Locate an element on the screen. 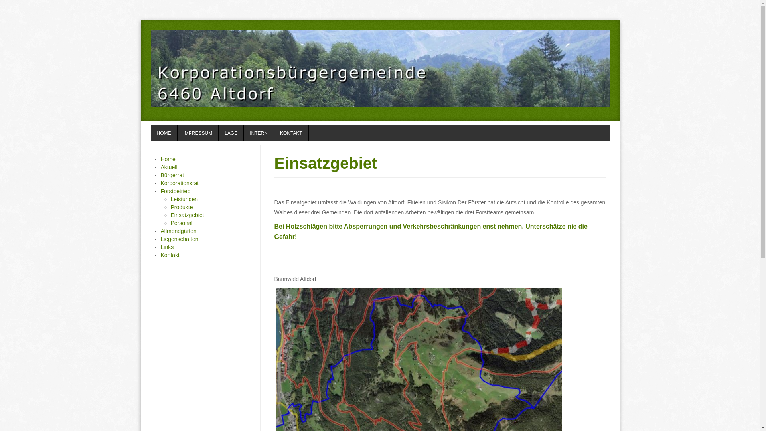 This screenshot has height=431, width=766. 'Home' is located at coordinates (167, 159).